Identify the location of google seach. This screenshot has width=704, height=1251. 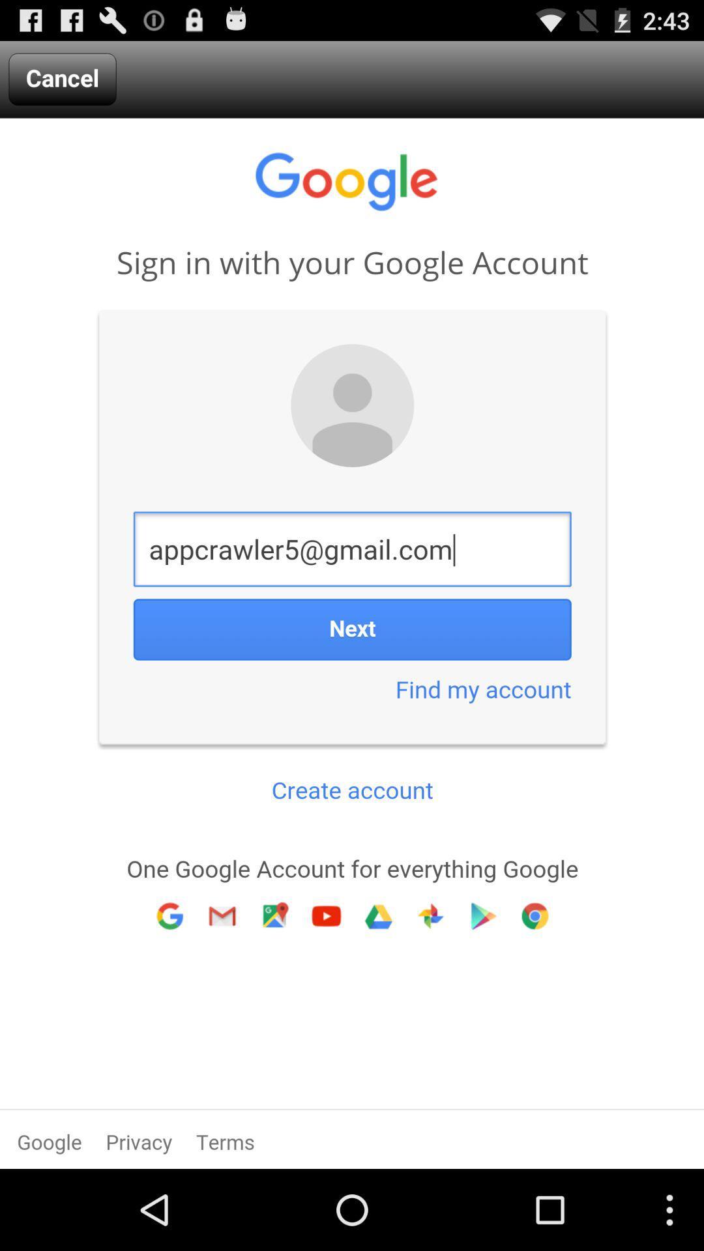
(352, 643).